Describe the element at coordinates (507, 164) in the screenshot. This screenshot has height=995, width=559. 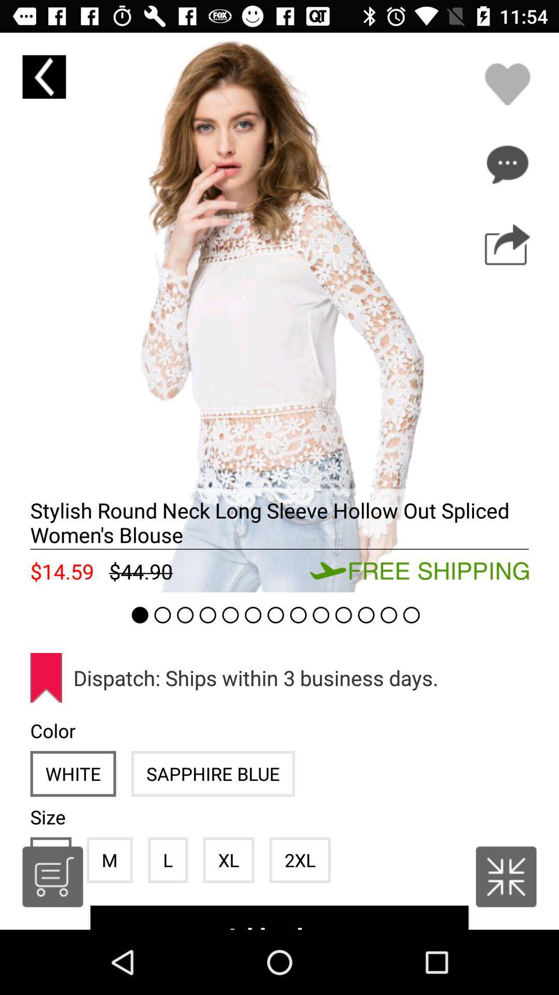
I see `the chat icon` at that location.